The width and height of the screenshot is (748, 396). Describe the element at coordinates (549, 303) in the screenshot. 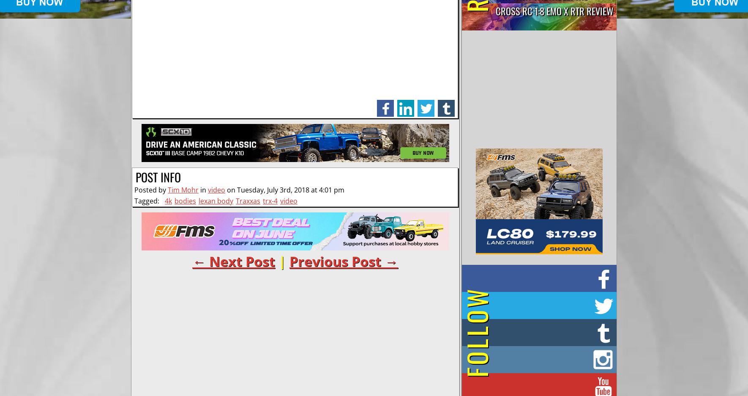

I see `'on Twitter'` at that location.